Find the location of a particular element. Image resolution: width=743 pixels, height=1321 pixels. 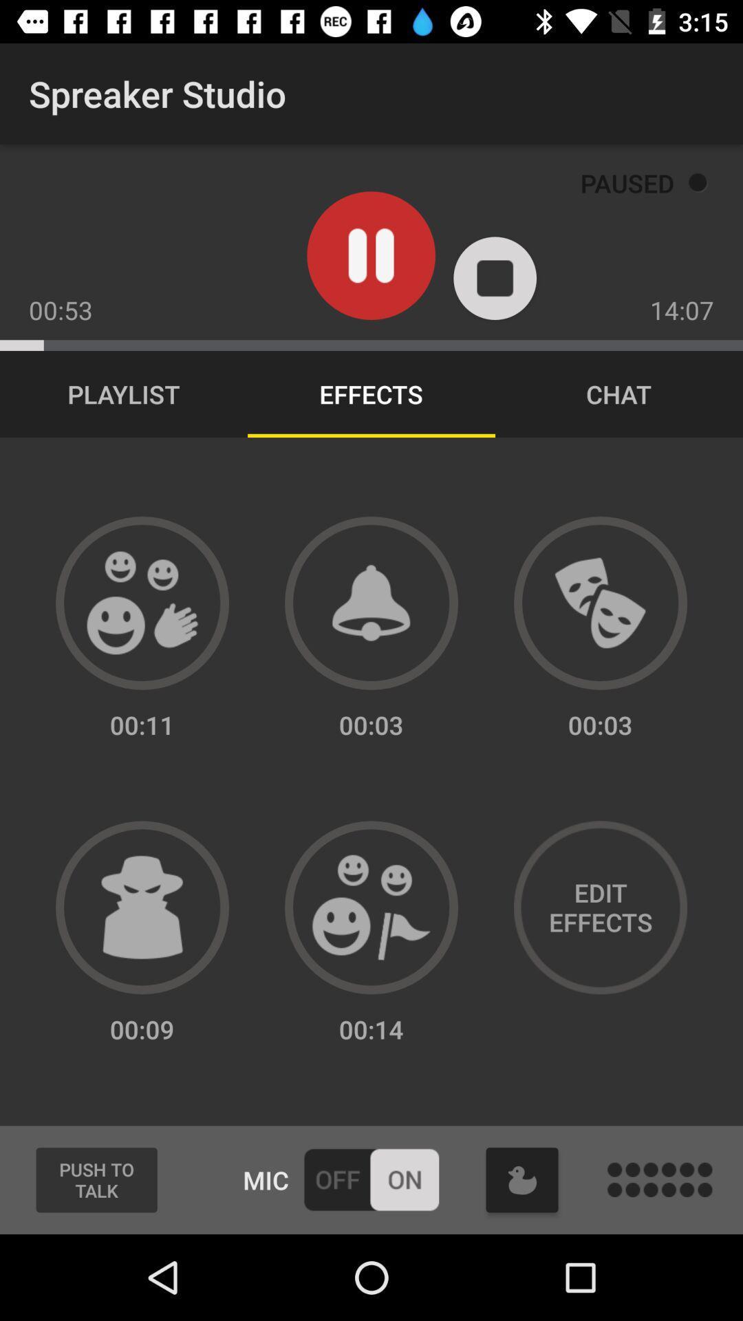

the pause icon is located at coordinates (370, 255).